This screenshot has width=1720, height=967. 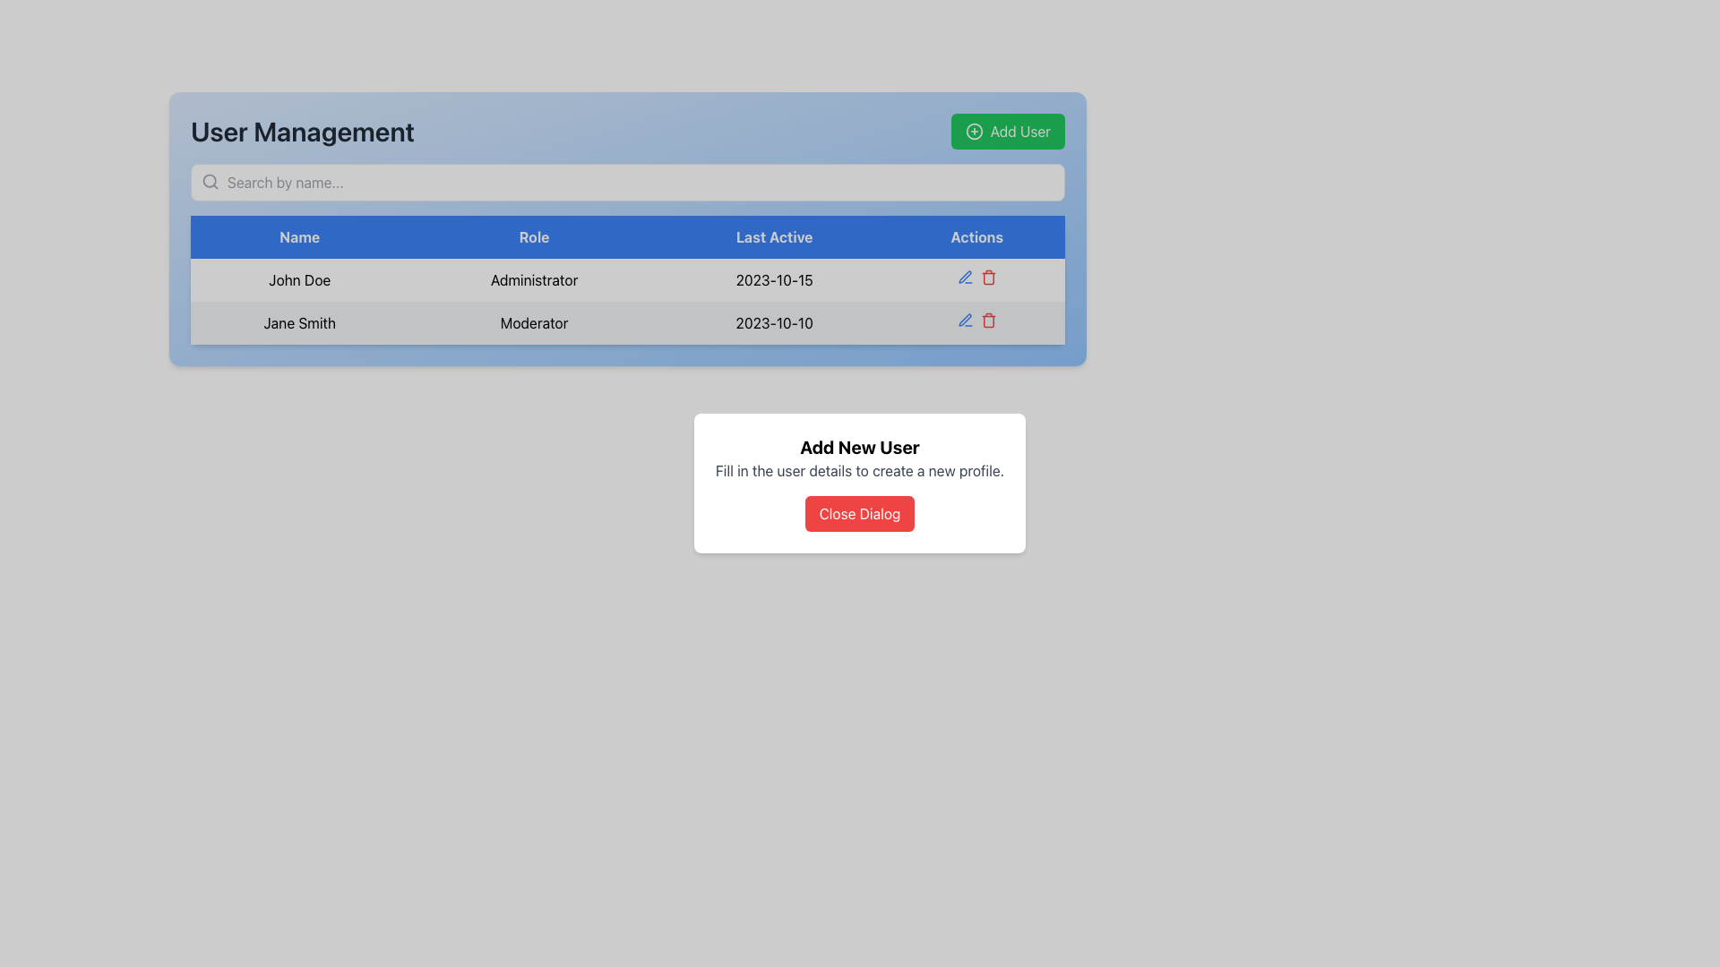 What do you see at coordinates (774, 279) in the screenshot?
I see `the text label displaying the date '2023-10-15' in bold, sans-serif font, located in the 'Last Active' column for user 'John Doe', the Administrator` at bounding box center [774, 279].